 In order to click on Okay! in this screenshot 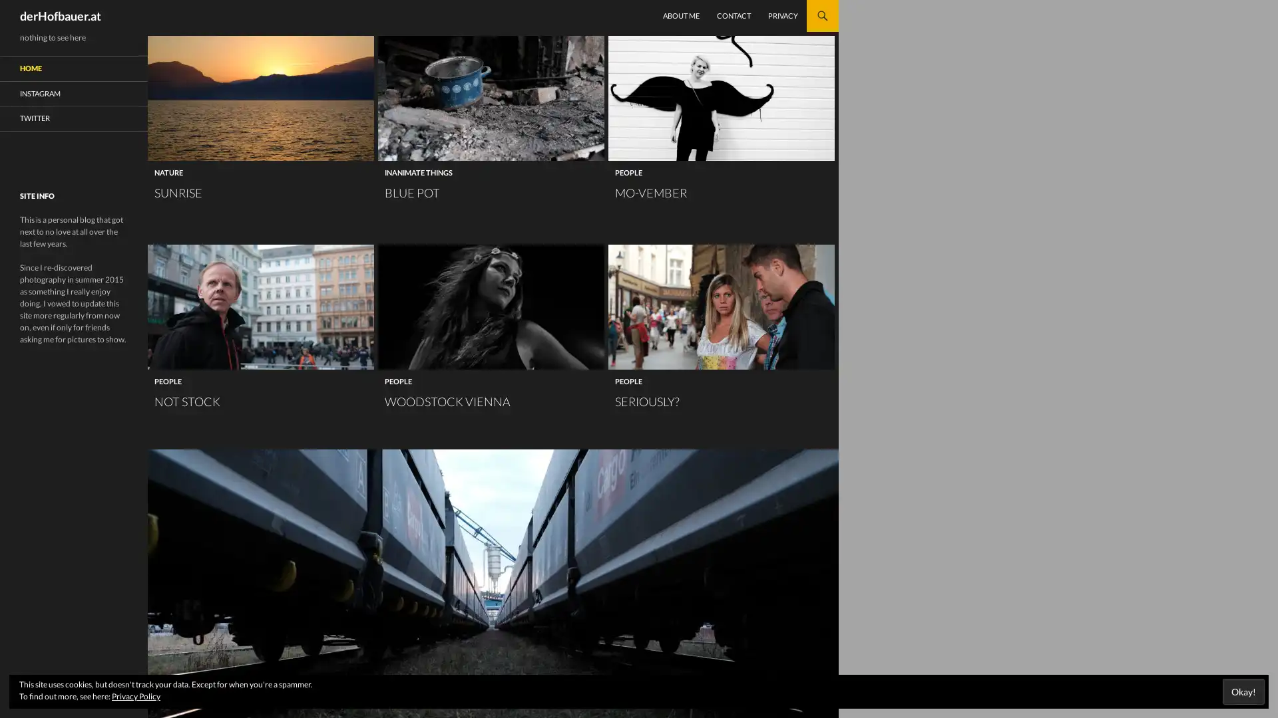, I will do `click(1243, 691)`.